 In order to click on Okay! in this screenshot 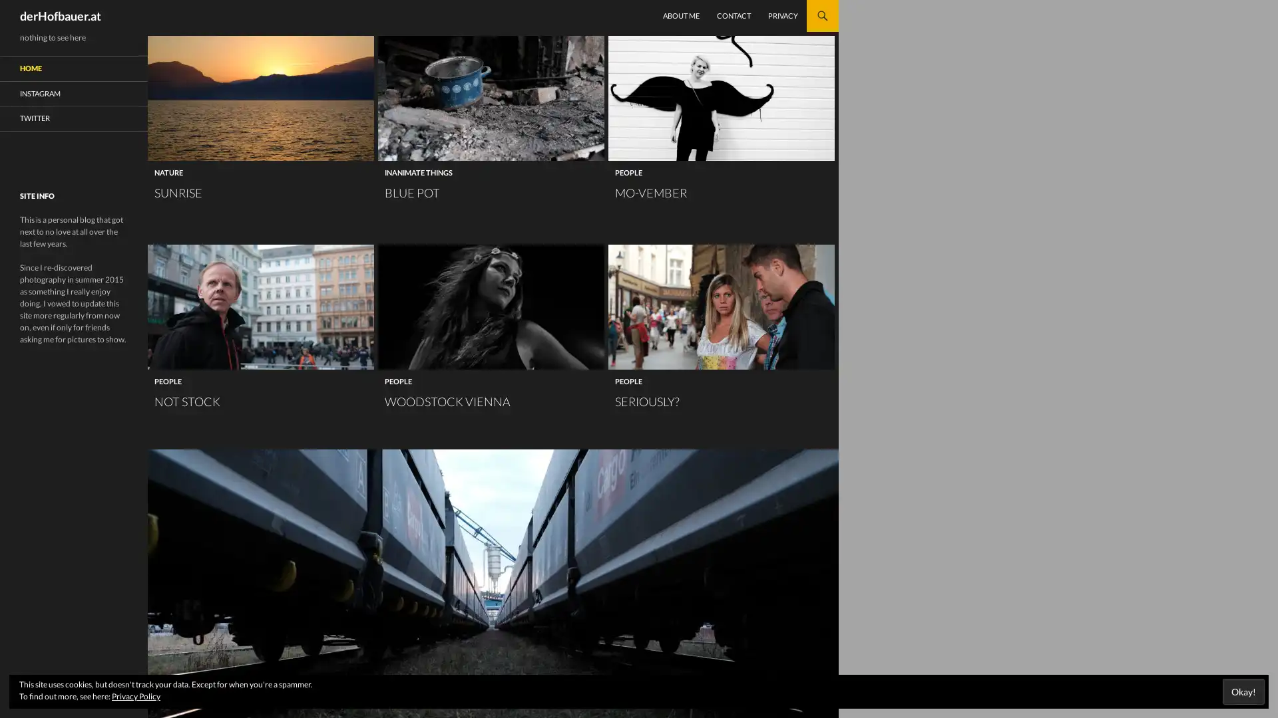, I will do `click(1243, 691)`.